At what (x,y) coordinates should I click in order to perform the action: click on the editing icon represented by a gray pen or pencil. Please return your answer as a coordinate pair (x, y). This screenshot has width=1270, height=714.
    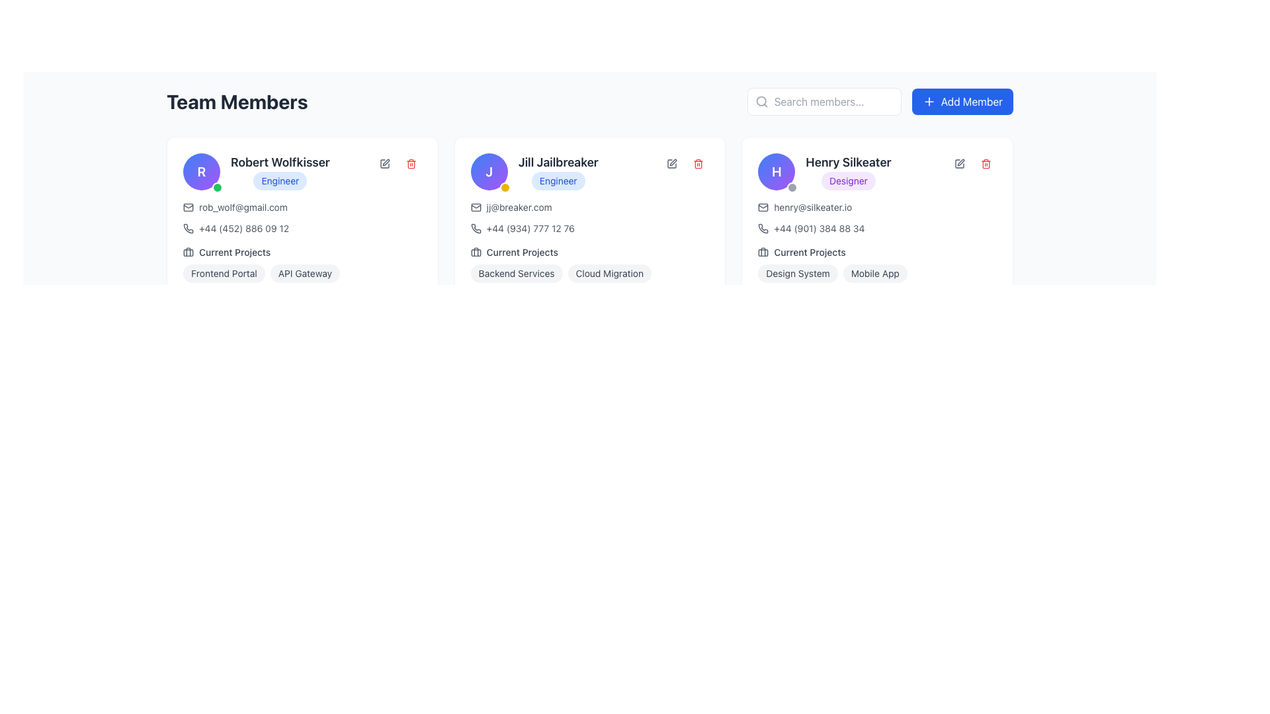
    Looking at the image, I should click on (672, 163).